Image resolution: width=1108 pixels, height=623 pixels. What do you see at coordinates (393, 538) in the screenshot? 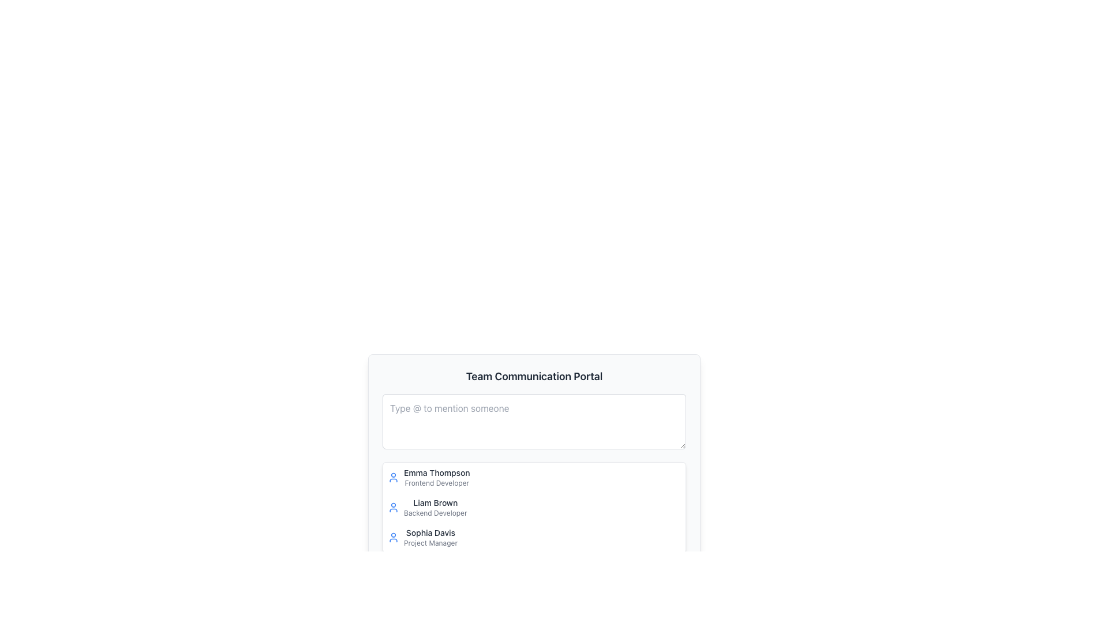
I see `the user avatar icon, which is a blue circular head shape located to the left of the 'Sophia Davis' label and the 'Project Manager' description in the user list` at bounding box center [393, 538].